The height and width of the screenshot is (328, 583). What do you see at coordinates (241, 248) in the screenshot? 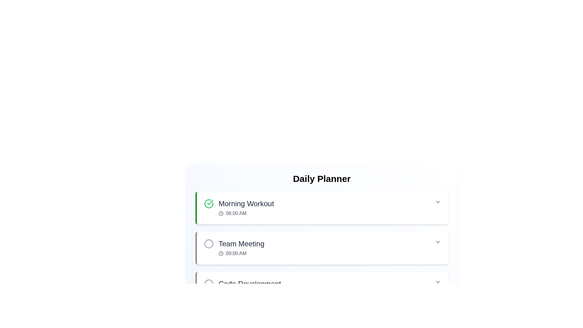
I see `on the 'Team Meeting' text display with the embedded clock icon located in the upper-middle portion of the layout under the heading 'Daily Planner.'` at bounding box center [241, 248].